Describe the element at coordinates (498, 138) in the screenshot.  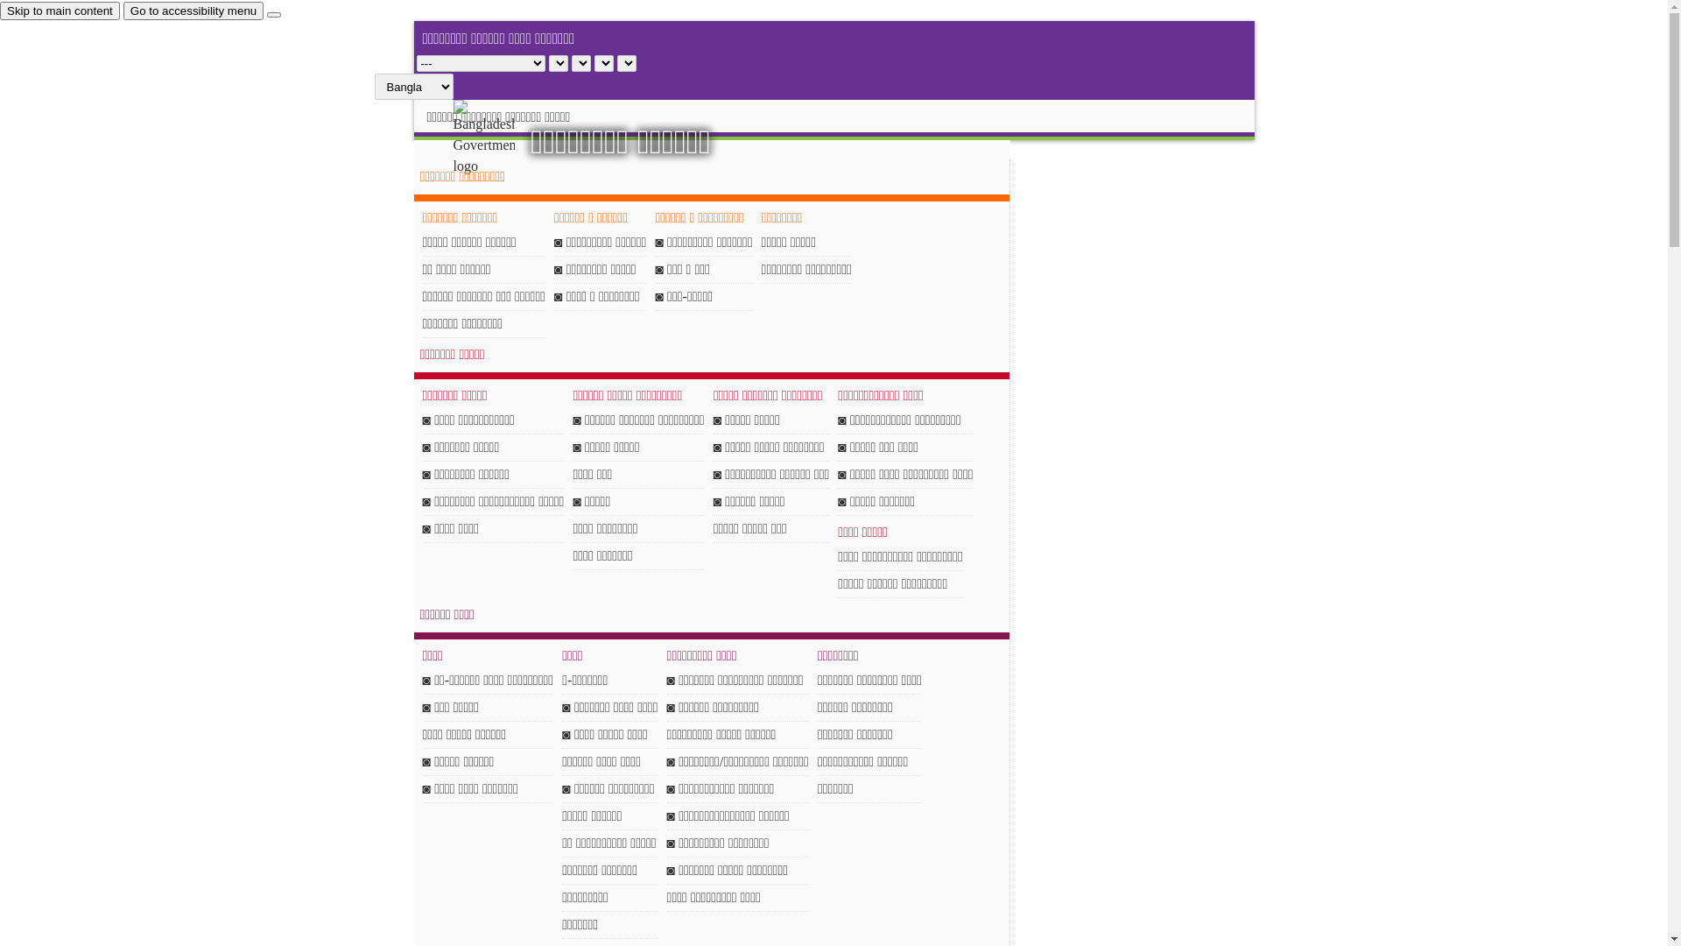
I see `'` at that location.